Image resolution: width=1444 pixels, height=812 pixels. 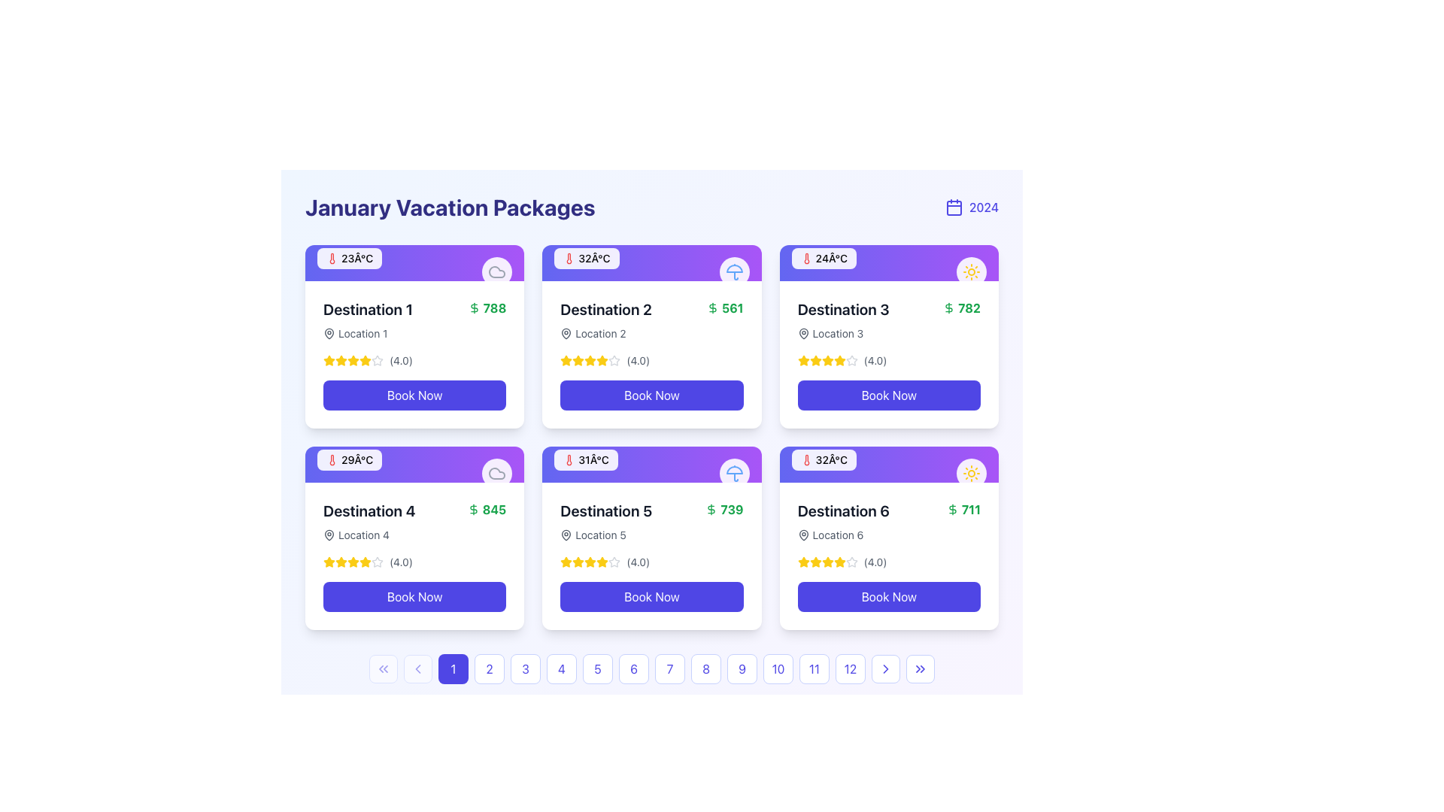 I want to click on the left-facing chevron button with a white background and indigo border, so click(x=418, y=668).